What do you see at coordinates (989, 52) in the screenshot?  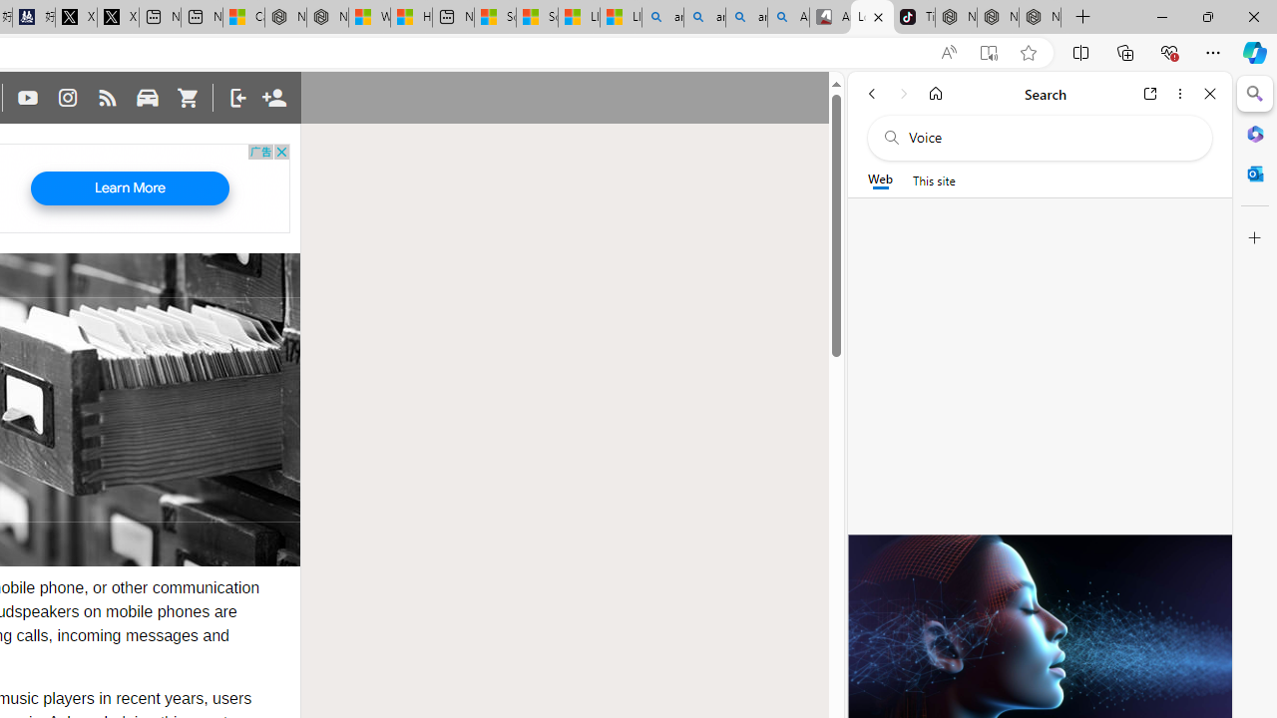 I see `'Enter Immersive Reader (F9)'` at bounding box center [989, 52].